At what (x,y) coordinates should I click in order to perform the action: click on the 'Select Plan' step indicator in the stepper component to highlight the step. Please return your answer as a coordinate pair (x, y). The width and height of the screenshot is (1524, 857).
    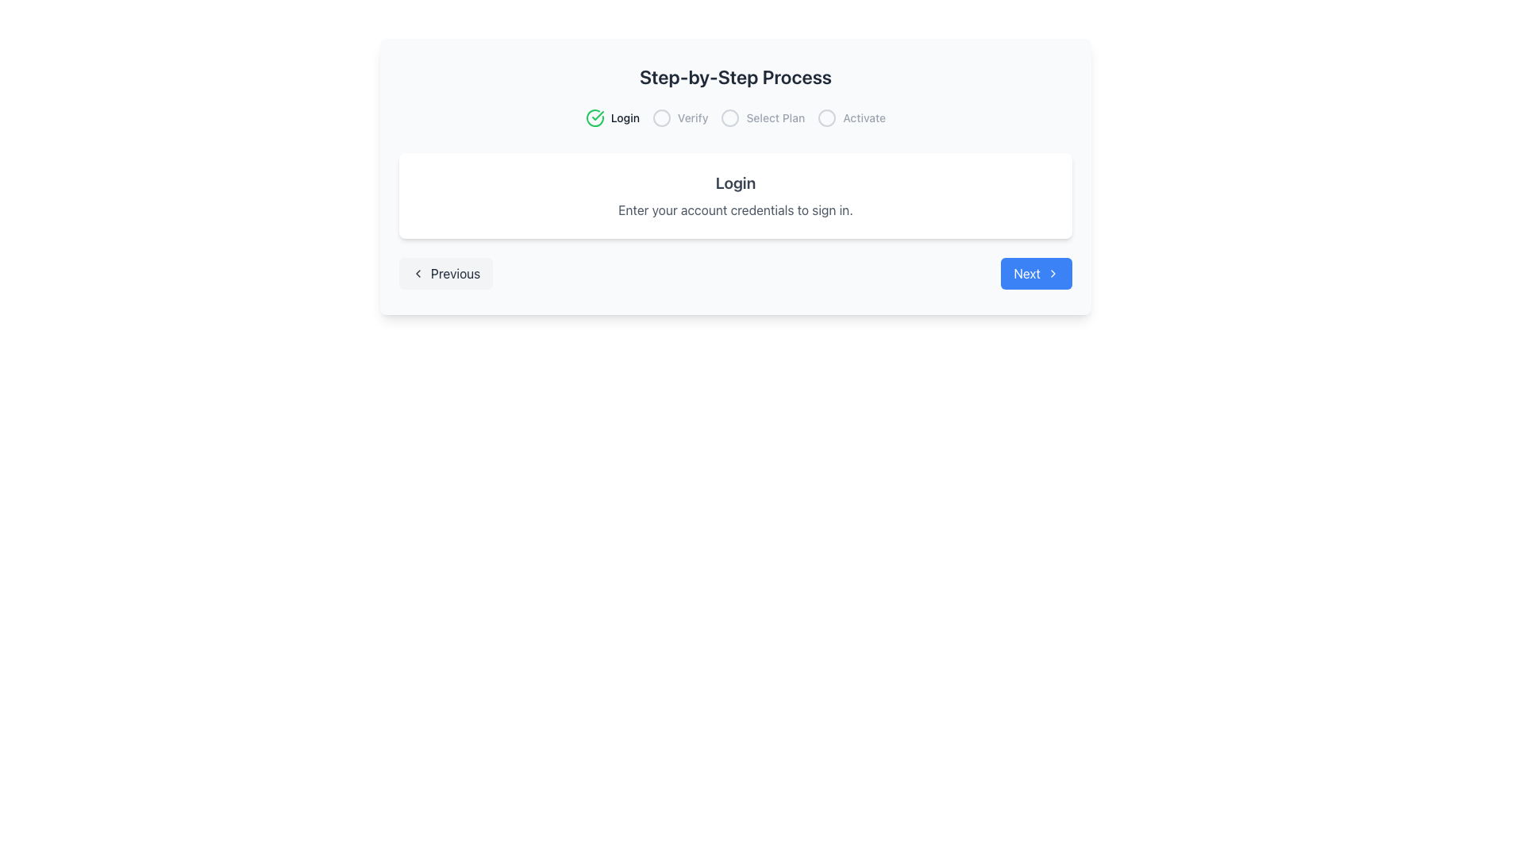
    Looking at the image, I should click on (763, 117).